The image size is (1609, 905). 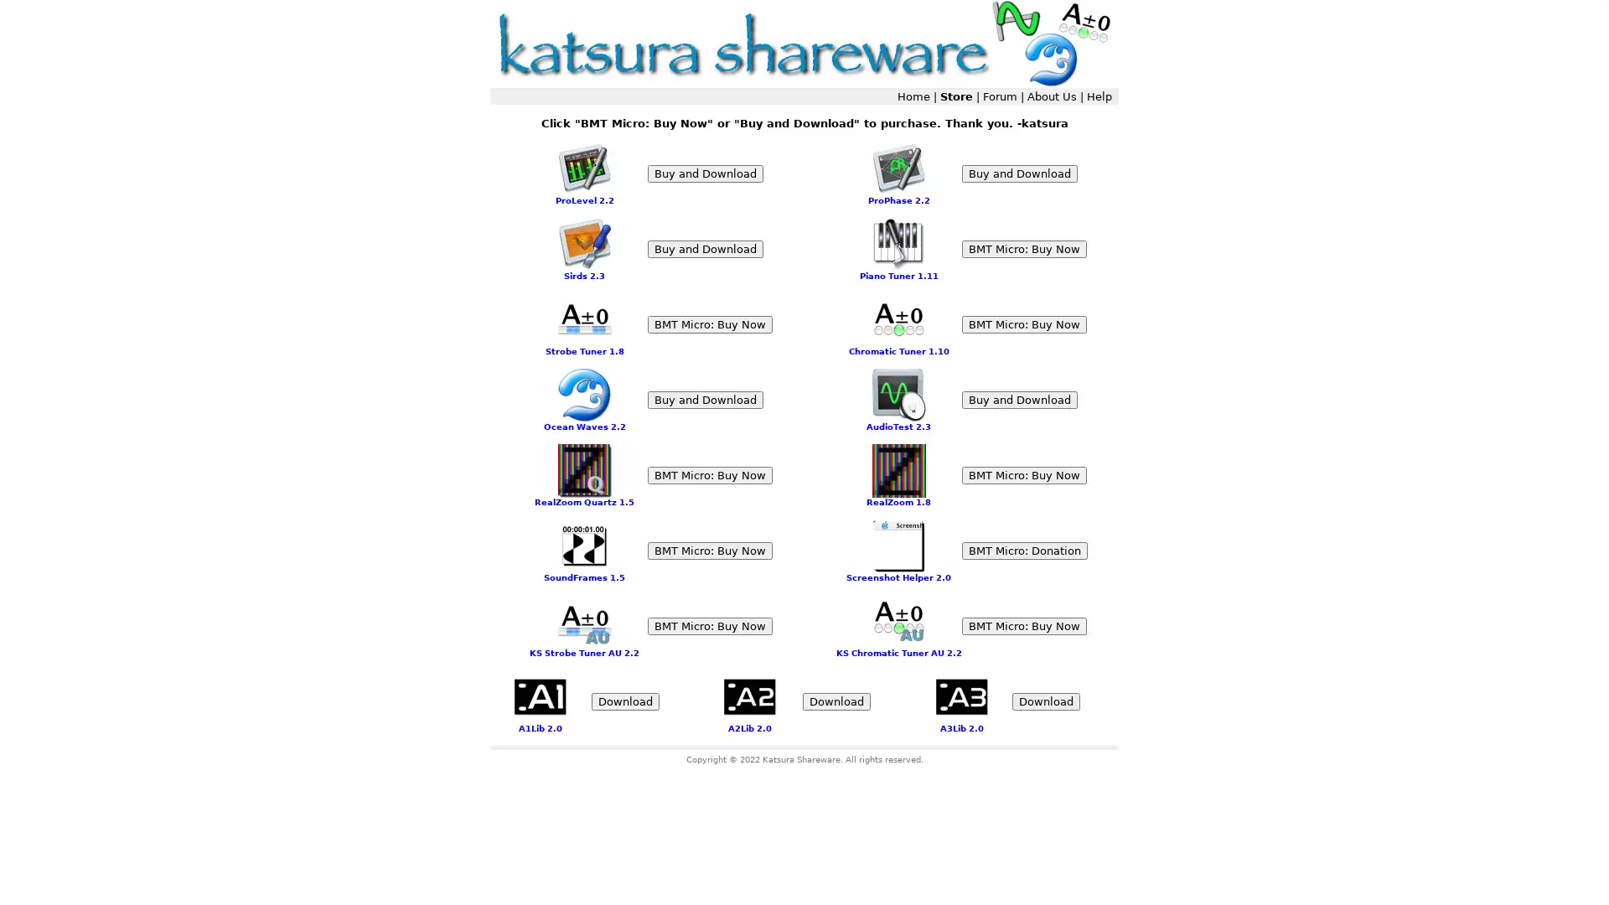 What do you see at coordinates (704, 173) in the screenshot?
I see `Buy and Download` at bounding box center [704, 173].